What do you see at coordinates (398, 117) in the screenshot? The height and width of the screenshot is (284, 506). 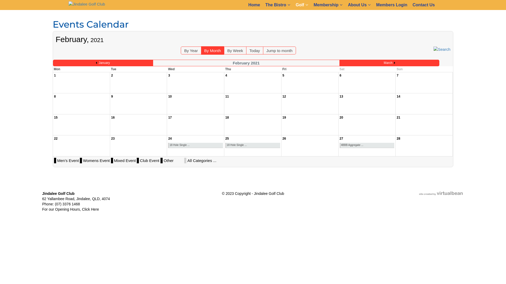 I see `'21'` at bounding box center [398, 117].